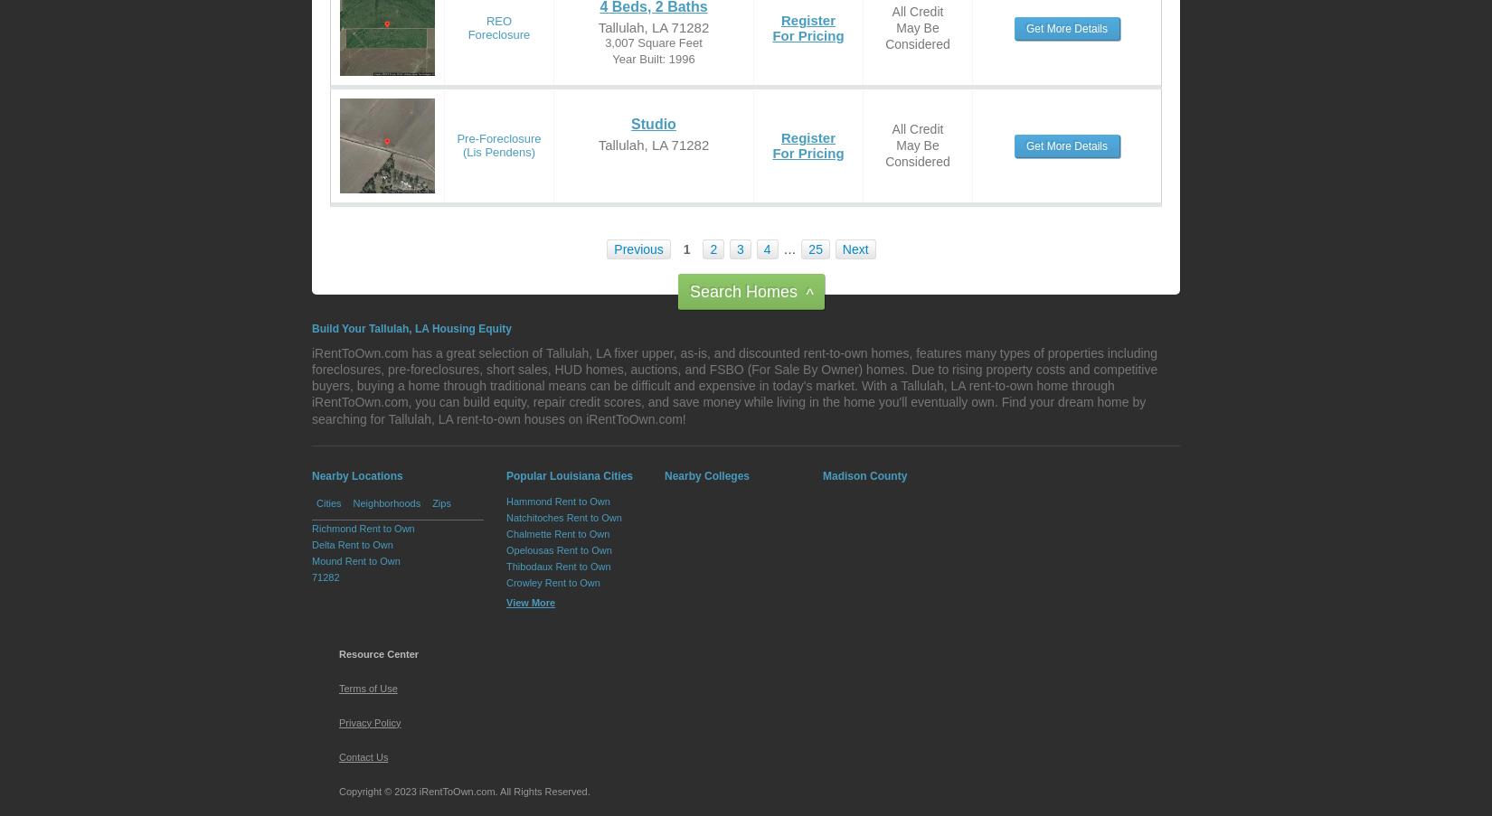  Describe the element at coordinates (556, 533) in the screenshot. I see `'Chalmette
Rent to Own'` at that location.